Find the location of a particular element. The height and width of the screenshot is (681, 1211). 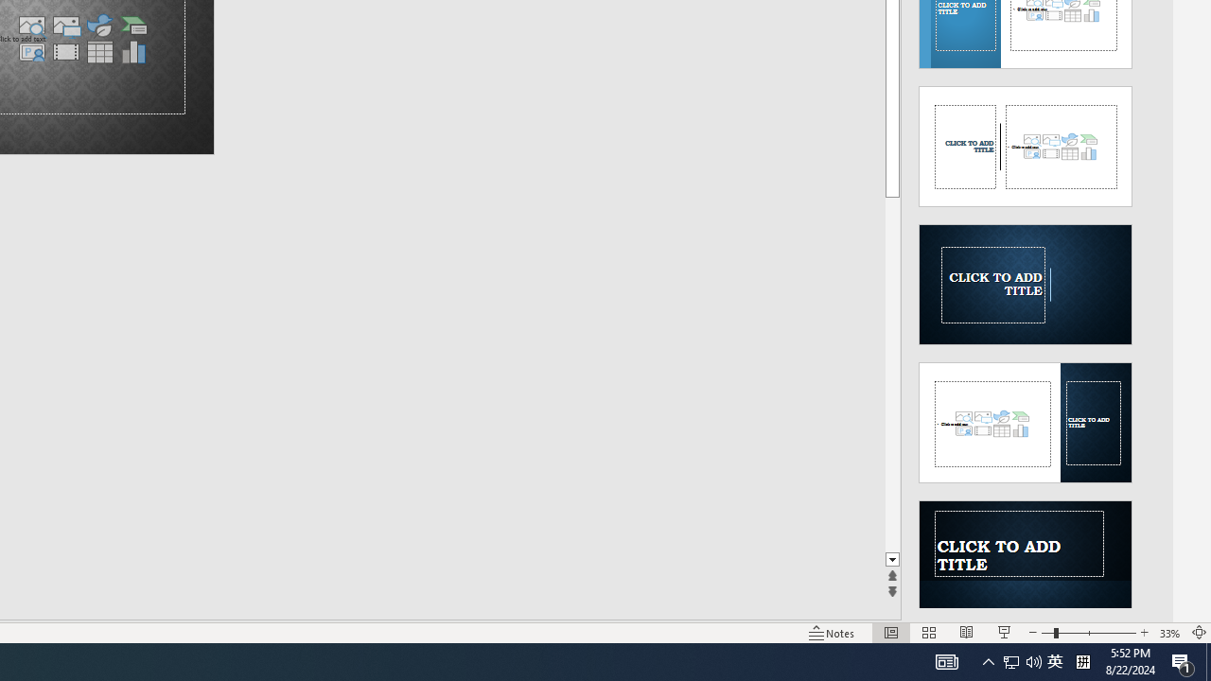

'Design Idea' is located at coordinates (1025, 554).